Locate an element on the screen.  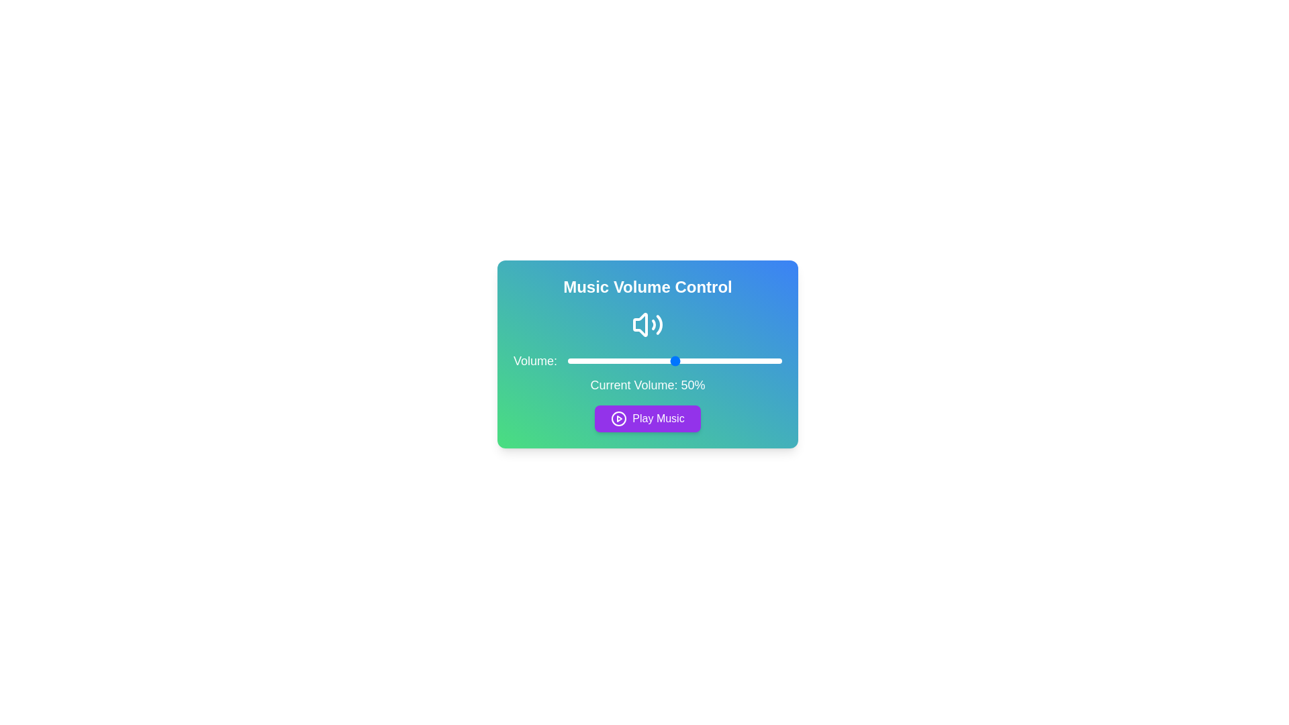
the 'Play Music' button to toggle play and pause is located at coordinates (647, 418).